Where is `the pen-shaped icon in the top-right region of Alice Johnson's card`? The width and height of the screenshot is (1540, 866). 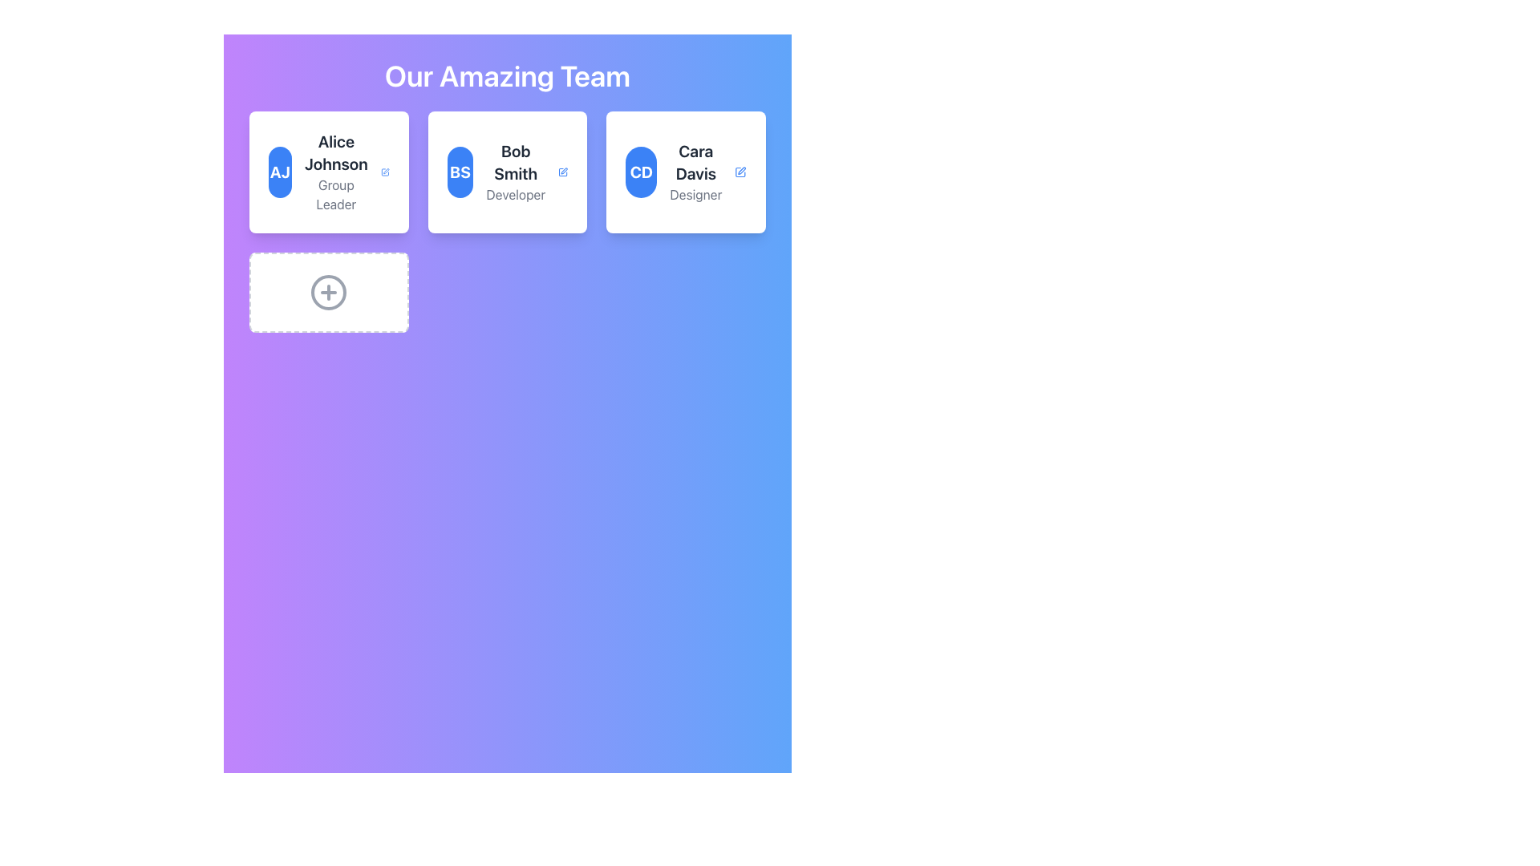
the pen-shaped icon in the top-right region of Alice Johnson's card is located at coordinates (385, 172).